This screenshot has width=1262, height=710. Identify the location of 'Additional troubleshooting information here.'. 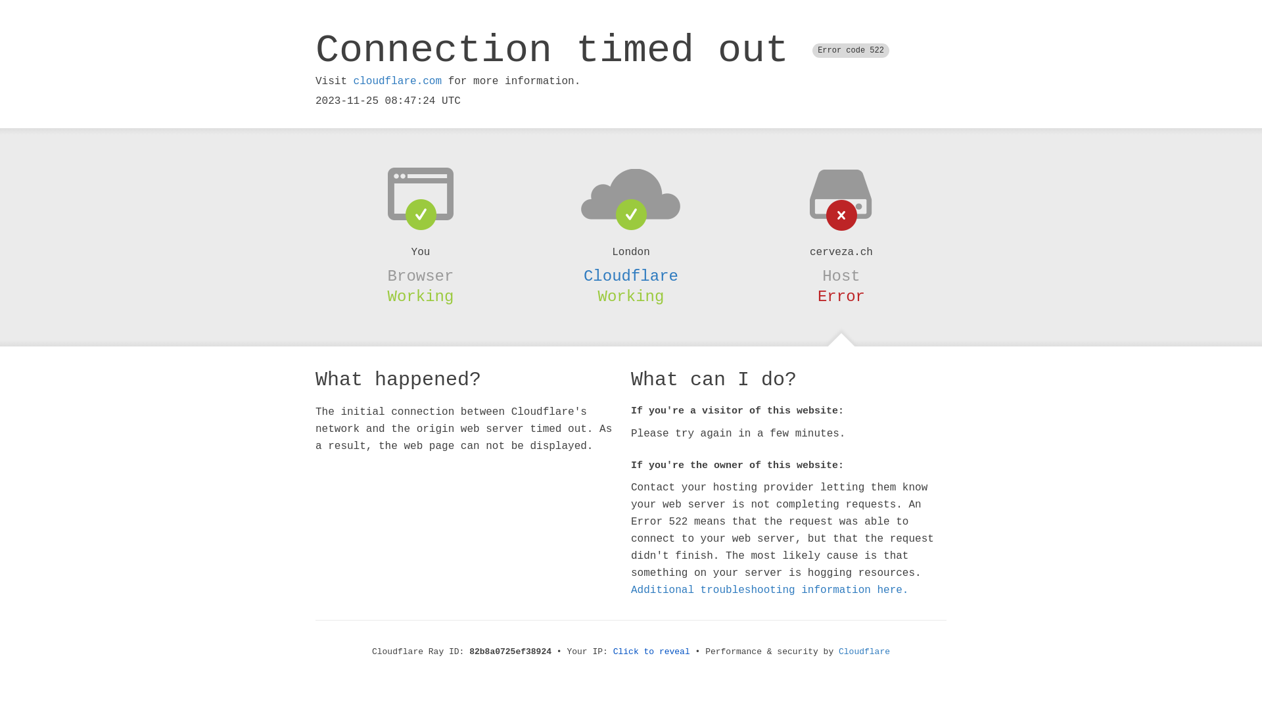
(770, 590).